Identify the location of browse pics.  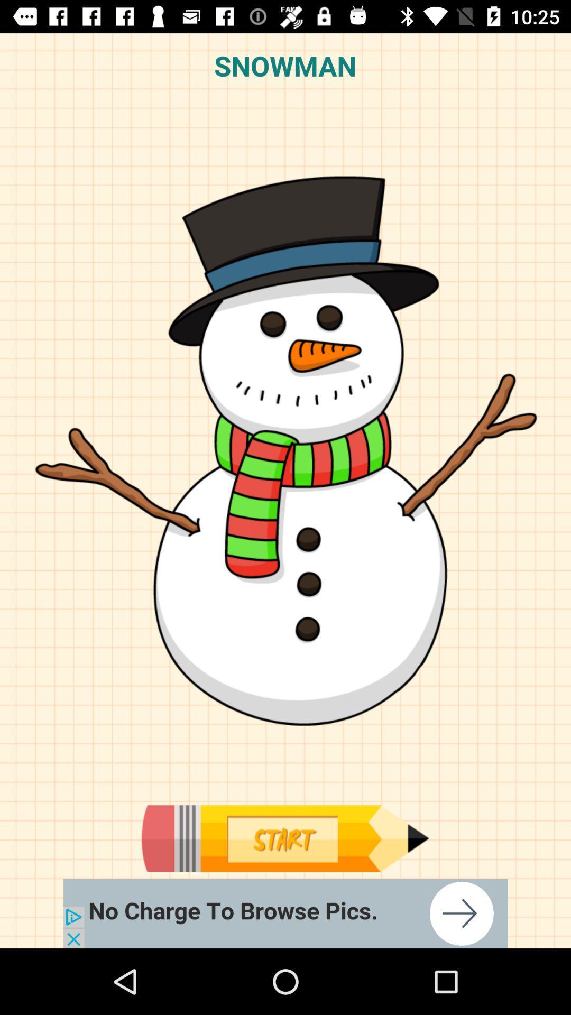
(285, 913).